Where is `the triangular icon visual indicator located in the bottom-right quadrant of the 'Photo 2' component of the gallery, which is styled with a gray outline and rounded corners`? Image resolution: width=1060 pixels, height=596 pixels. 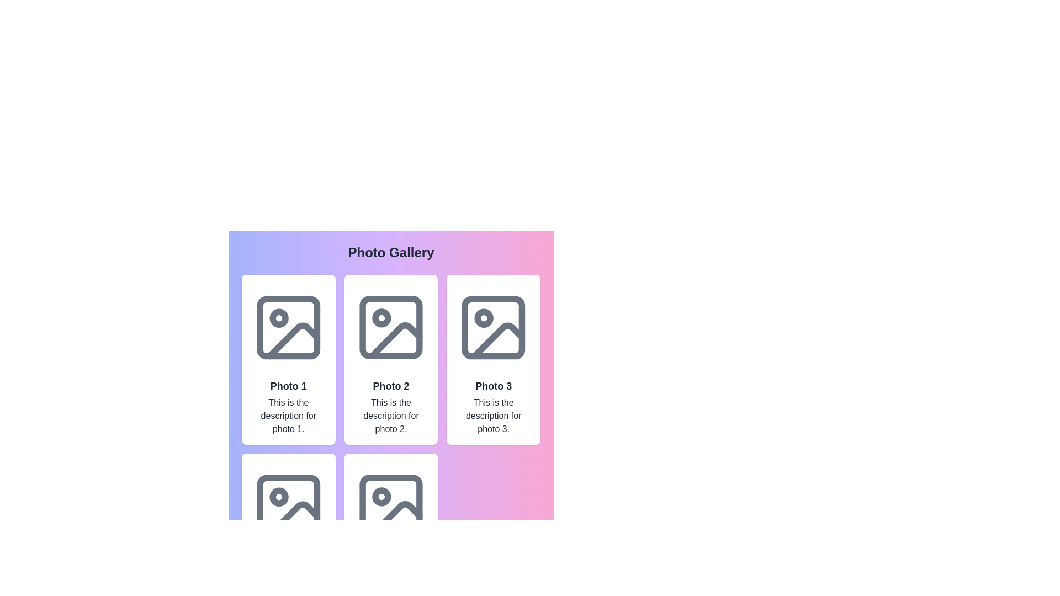 the triangular icon visual indicator located in the bottom-right quadrant of the 'Photo 2' component of the gallery, which is styled with a gray outline and rounded corners is located at coordinates (396, 340).